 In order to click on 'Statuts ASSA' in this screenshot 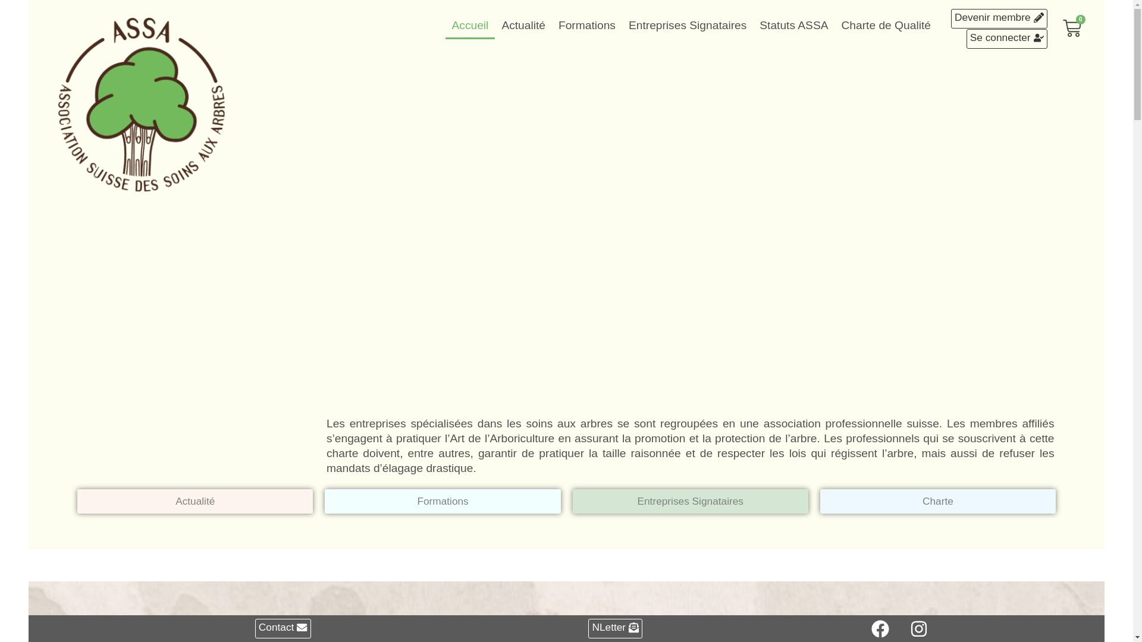, I will do `click(793, 25)`.